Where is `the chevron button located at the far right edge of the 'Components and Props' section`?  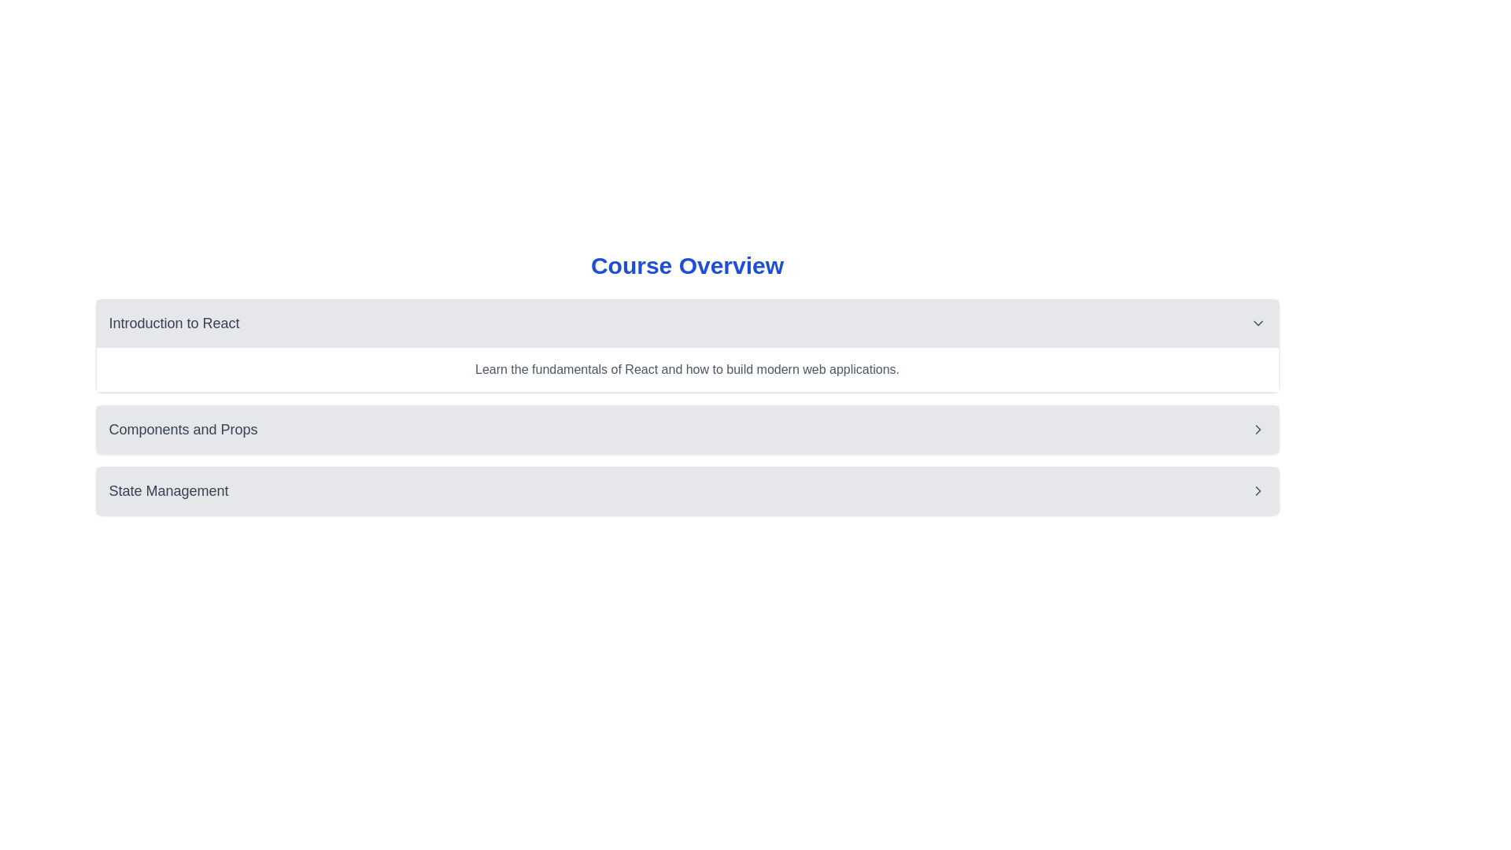 the chevron button located at the far right edge of the 'Components and Props' section is located at coordinates (1257, 430).